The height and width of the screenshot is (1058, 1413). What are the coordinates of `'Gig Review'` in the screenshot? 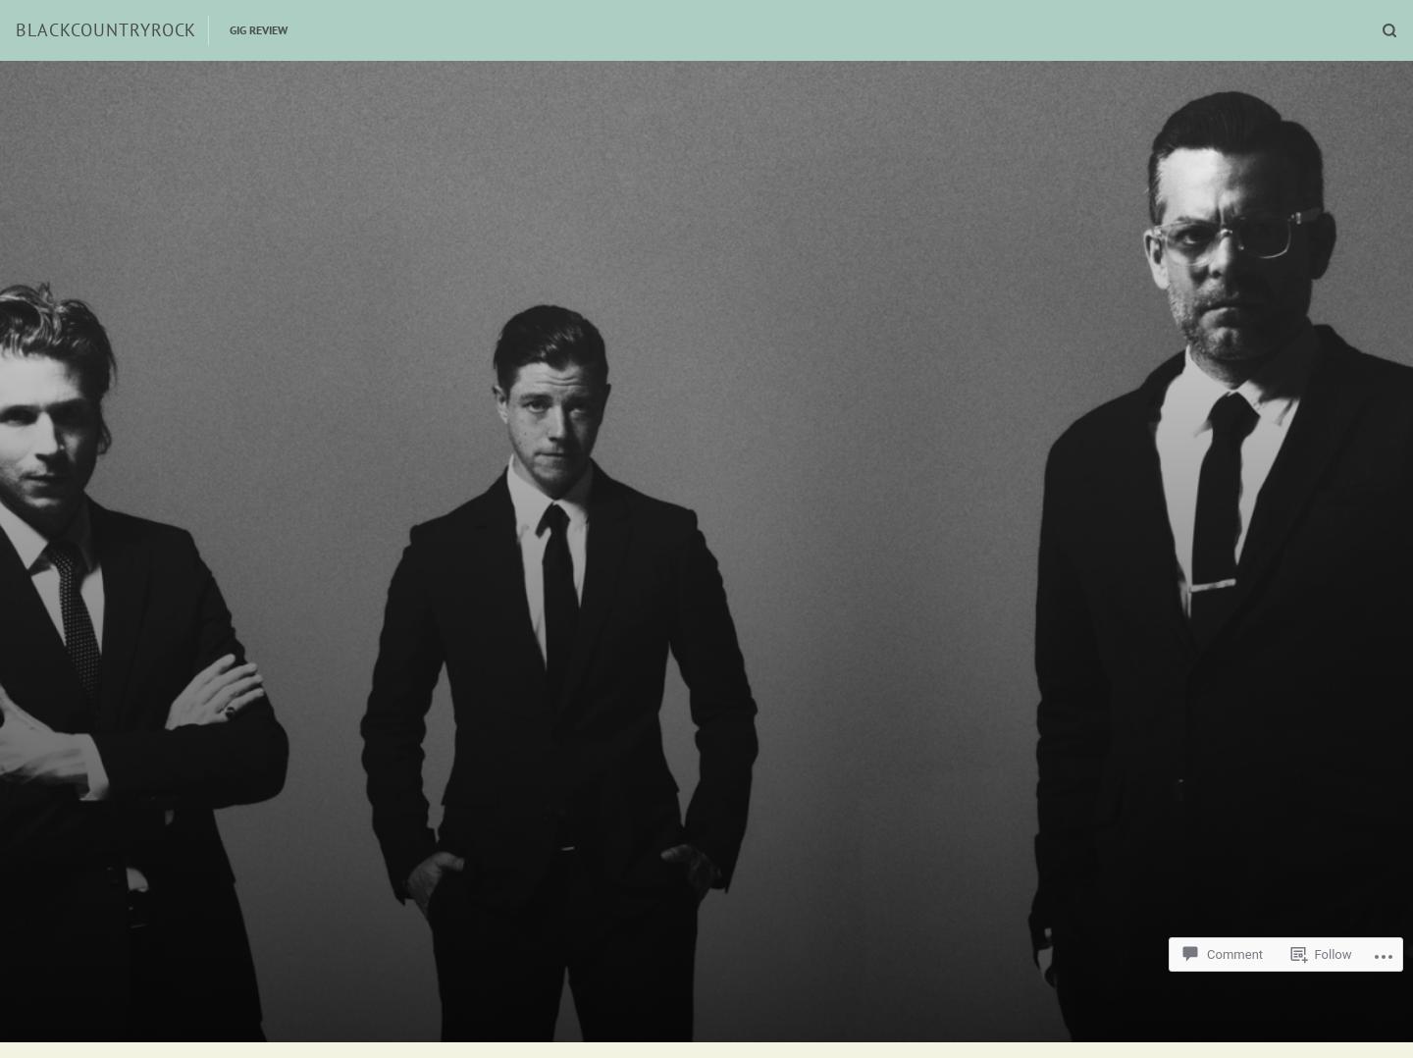 It's located at (257, 28).